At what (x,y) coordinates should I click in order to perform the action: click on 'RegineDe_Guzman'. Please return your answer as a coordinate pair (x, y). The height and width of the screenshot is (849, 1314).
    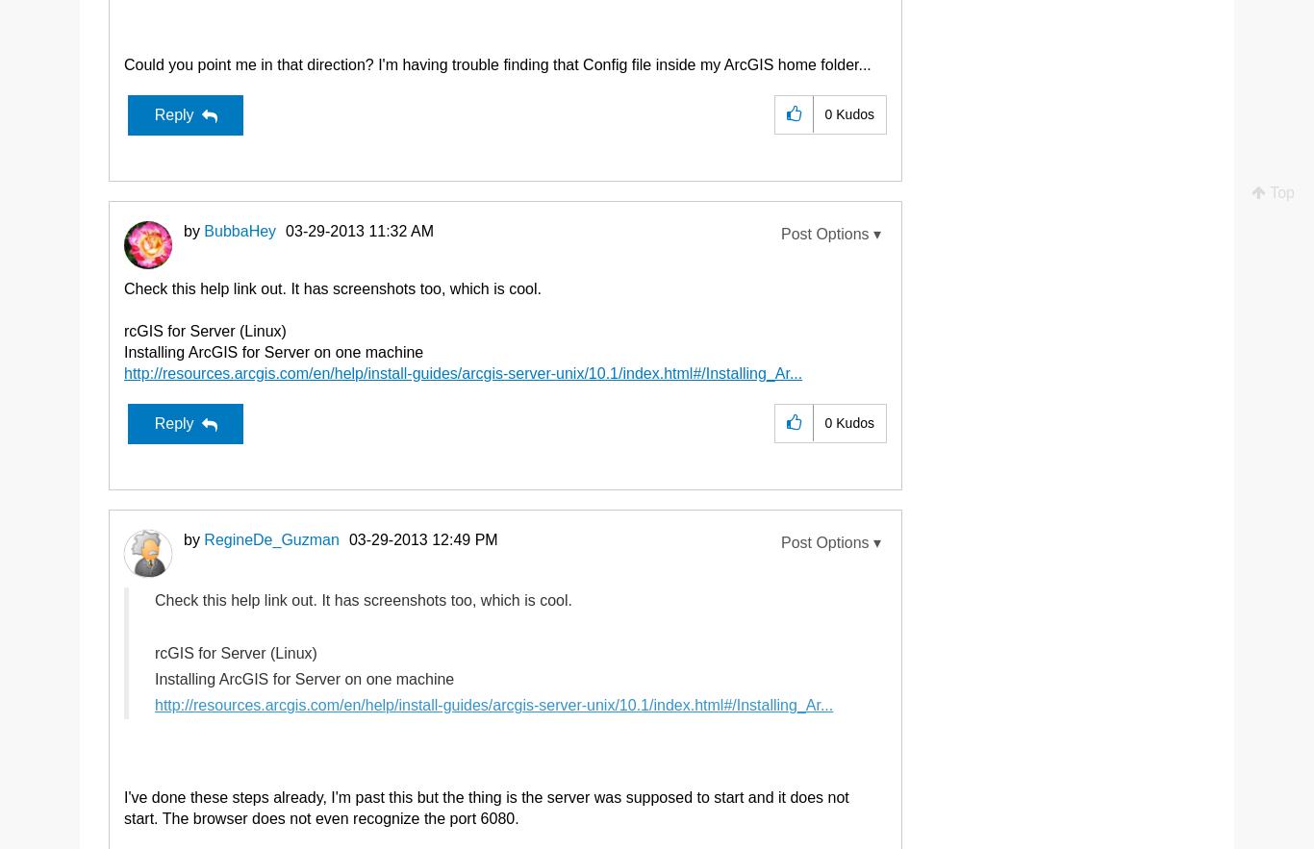
    Looking at the image, I should click on (270, 538).